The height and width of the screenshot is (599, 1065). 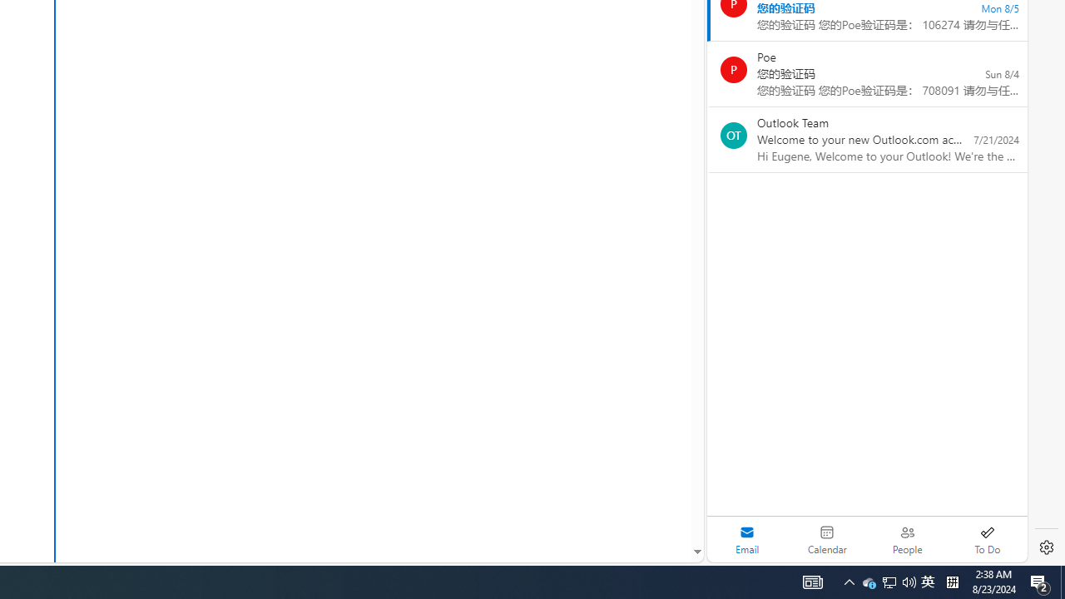 What do you see at coordinates (746, 539) in the screenshot?
I see `'Selected mail module'` at bounding box center [746, 539].